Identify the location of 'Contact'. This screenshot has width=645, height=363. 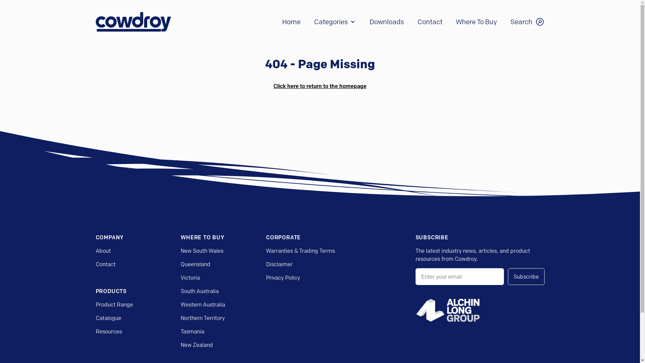
(105, 264).